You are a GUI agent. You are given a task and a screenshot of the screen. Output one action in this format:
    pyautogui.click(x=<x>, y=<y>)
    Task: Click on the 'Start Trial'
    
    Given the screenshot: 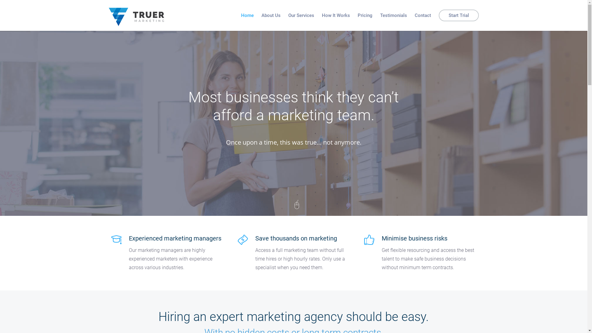 What is the action you would take?
    pyautogui.click(x=458, y=15)
    